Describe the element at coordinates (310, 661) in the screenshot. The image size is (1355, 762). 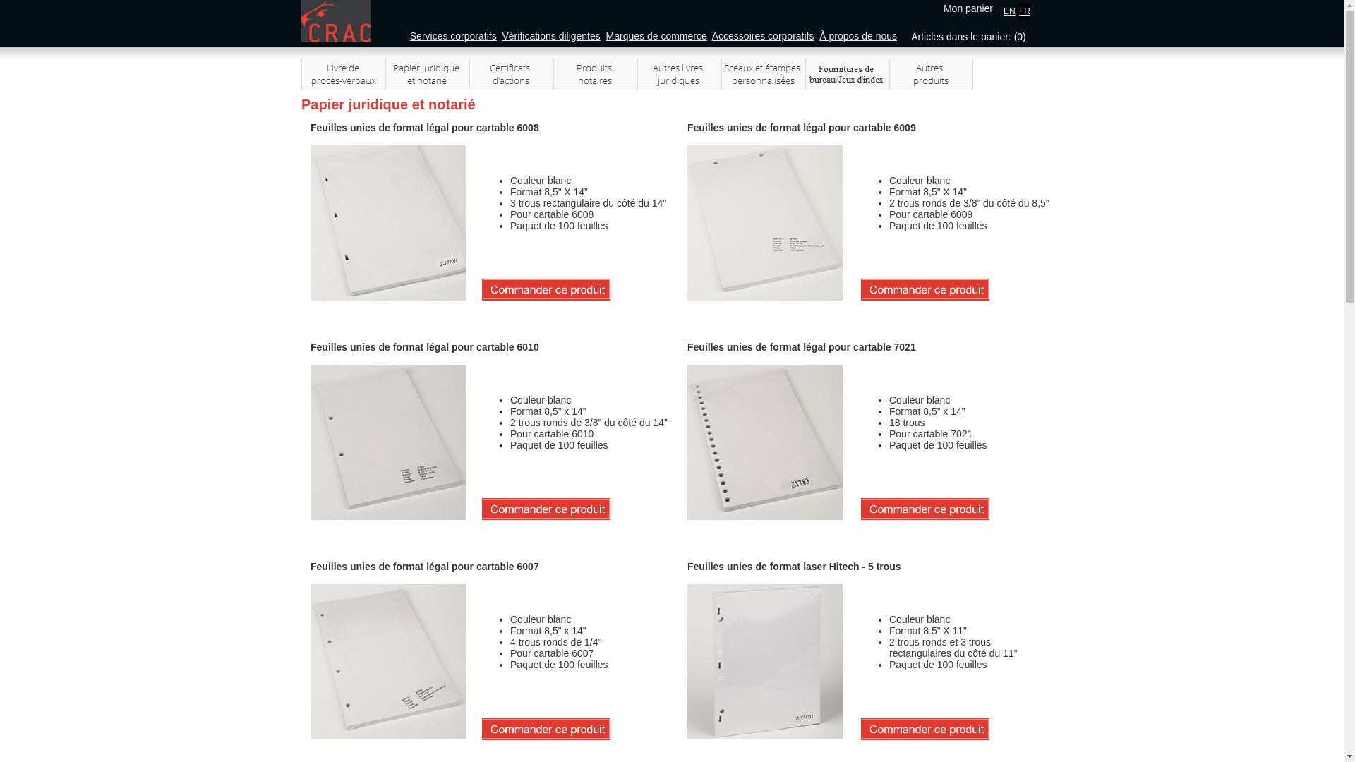
I see `'Z1773-alt-220'` at that location.